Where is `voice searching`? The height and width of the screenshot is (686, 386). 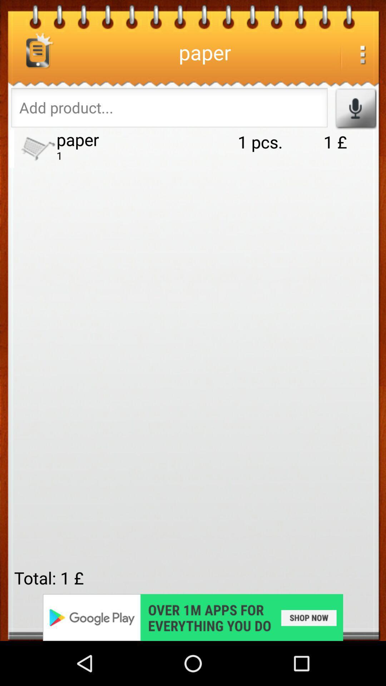
voice searching is located at coordinates (355, 108).